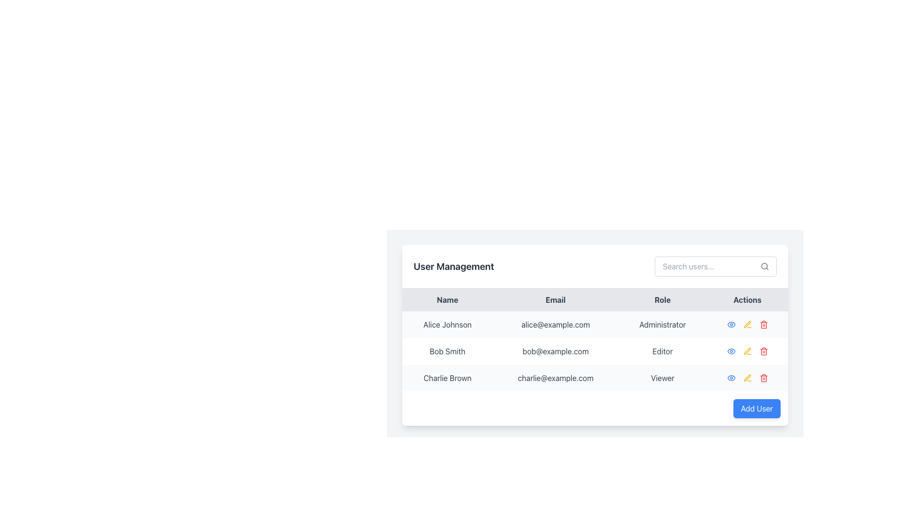  I want to click on the second icon (yellow pen) in the 'Actions' column of the user management table to initiate editing for the 'Viewer' user role, so click(747, 378).